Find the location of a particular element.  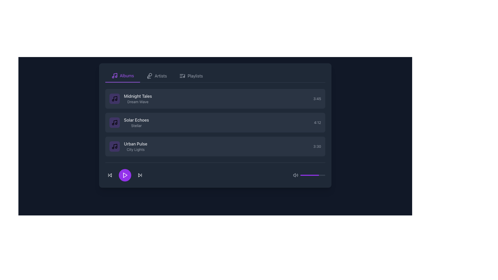

the album or song icon located in the top-left corner of the list item adjacent to the text labels 'Midnight Tales' and 'Dream Wave' is located at coordinates (114, 99).